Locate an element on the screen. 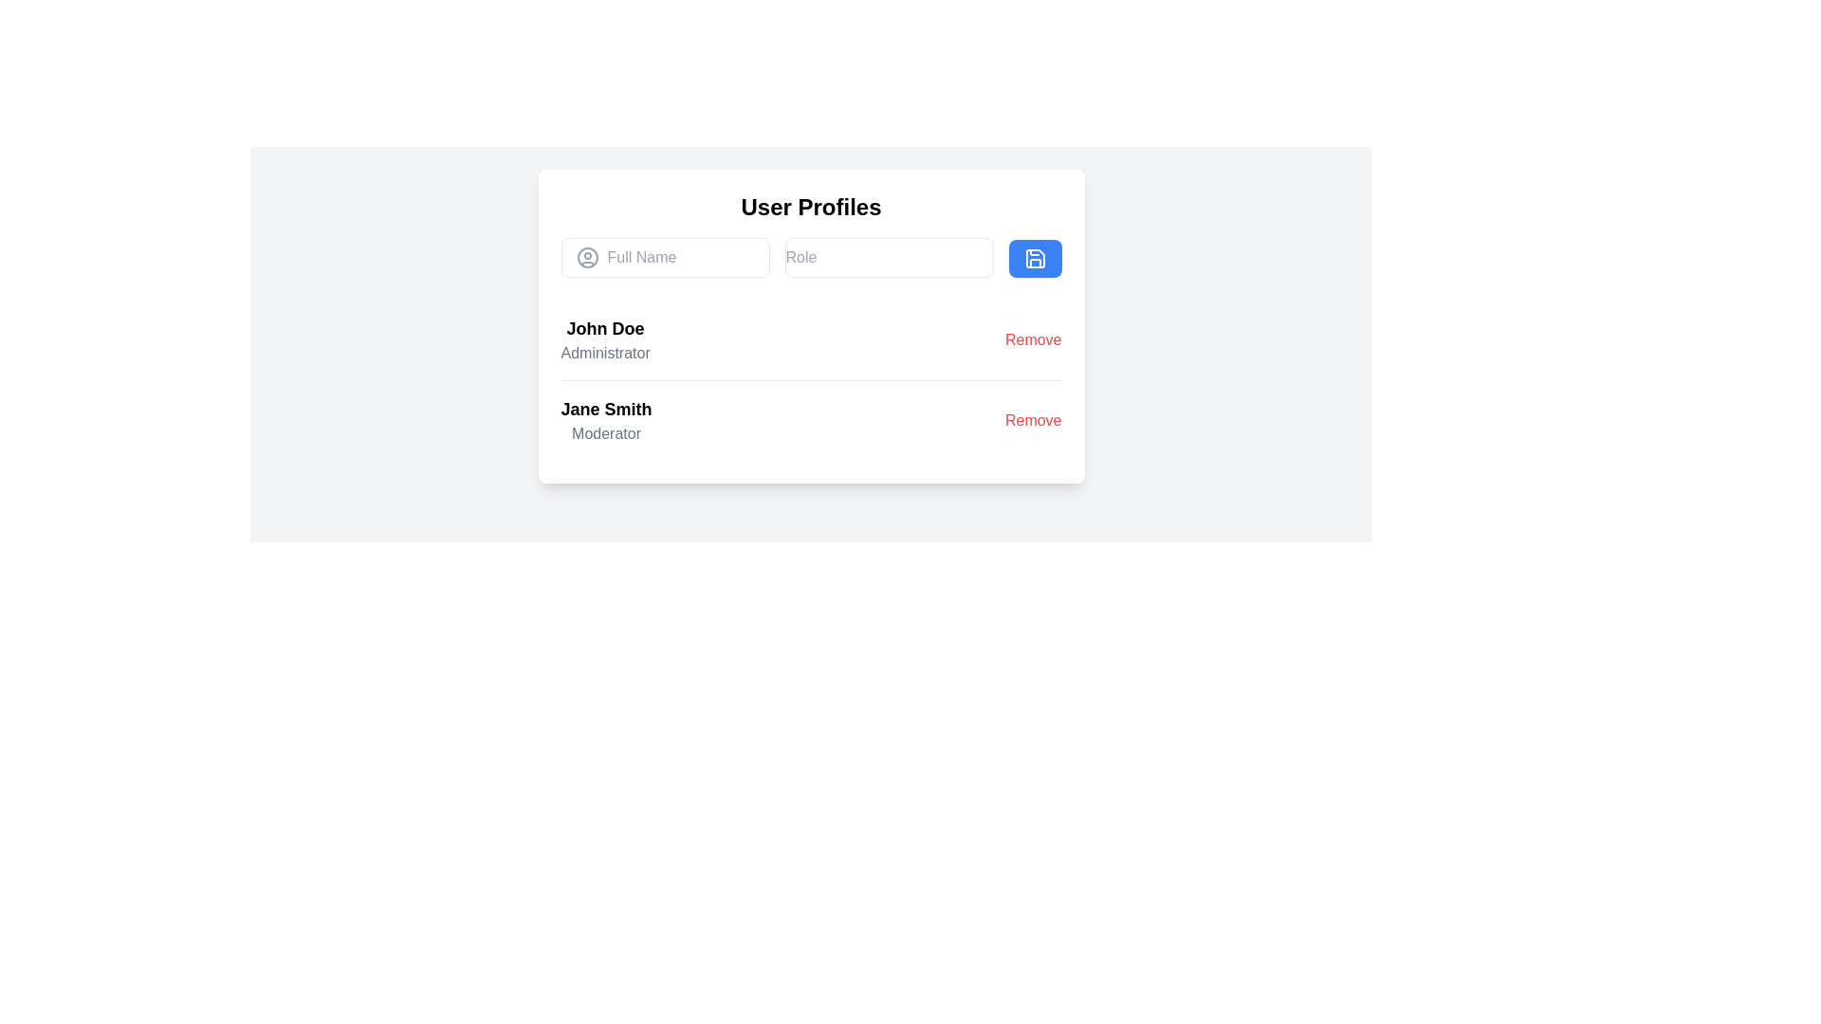 The height and width of the screenshot is (1024, 1821). the red-text hyperlink labeled 'Remove' associated with user 'John Doe' in the 'User Profiles' card is located at coordinates (1032, 338).